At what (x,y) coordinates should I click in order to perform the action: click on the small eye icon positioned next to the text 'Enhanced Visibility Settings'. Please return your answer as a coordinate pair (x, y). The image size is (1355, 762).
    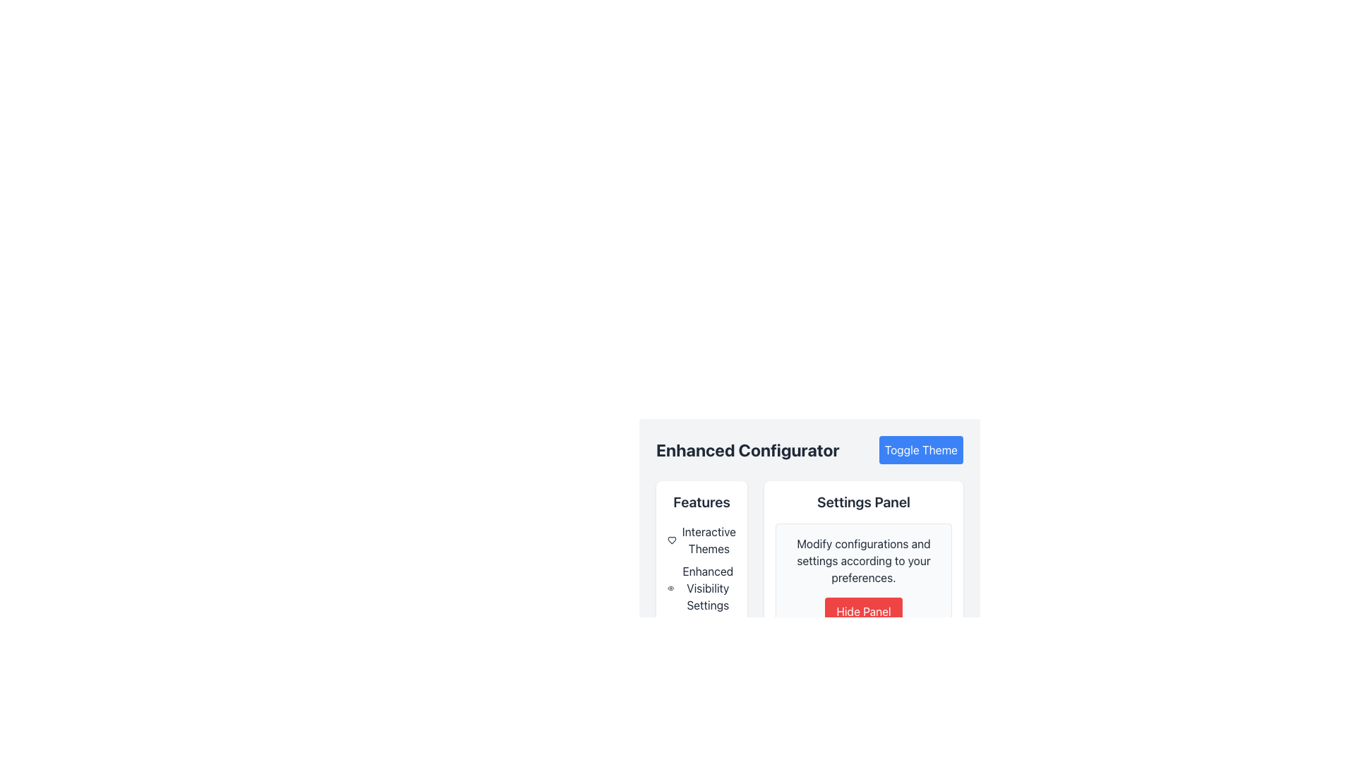
    Looking at the image, I should click on (670, 588).